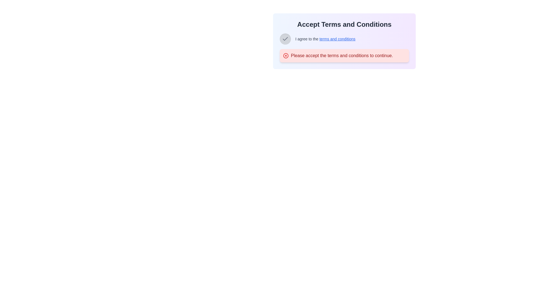  What do you see at coordinates (337, 38) in the screenshot?
I see `the hyperlink that says 'I agree to the terms and conditions'` at bounding box center [337, 38].